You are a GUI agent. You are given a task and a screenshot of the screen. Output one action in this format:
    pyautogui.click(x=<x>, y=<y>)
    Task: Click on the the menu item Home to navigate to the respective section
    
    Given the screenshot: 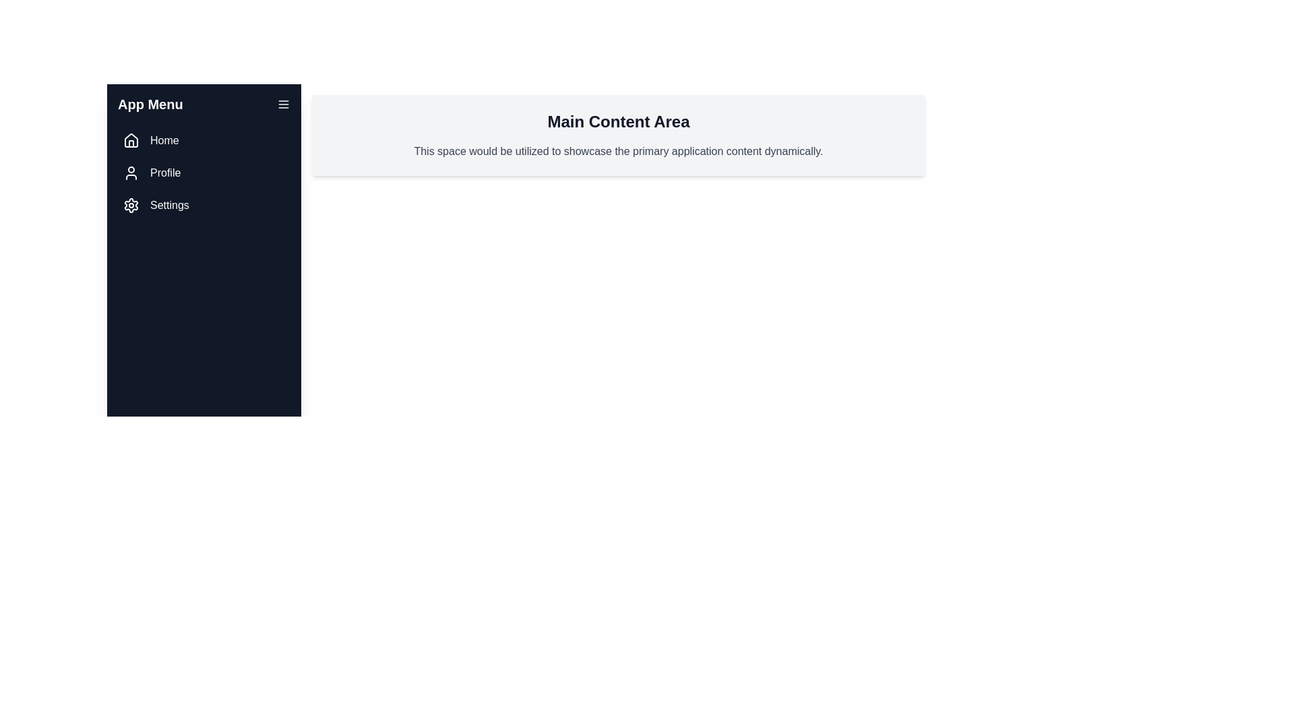 What is the action you would take?
    pyautogui.click(x=203, y=140)
    